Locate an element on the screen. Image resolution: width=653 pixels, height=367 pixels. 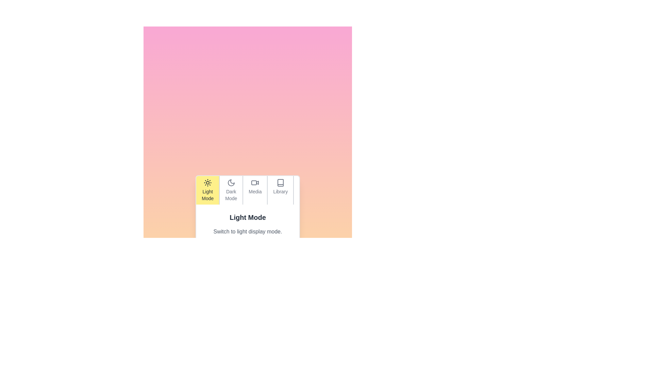
the tab labeled Library to observe its visual effect is located at coordinates (280, 190).